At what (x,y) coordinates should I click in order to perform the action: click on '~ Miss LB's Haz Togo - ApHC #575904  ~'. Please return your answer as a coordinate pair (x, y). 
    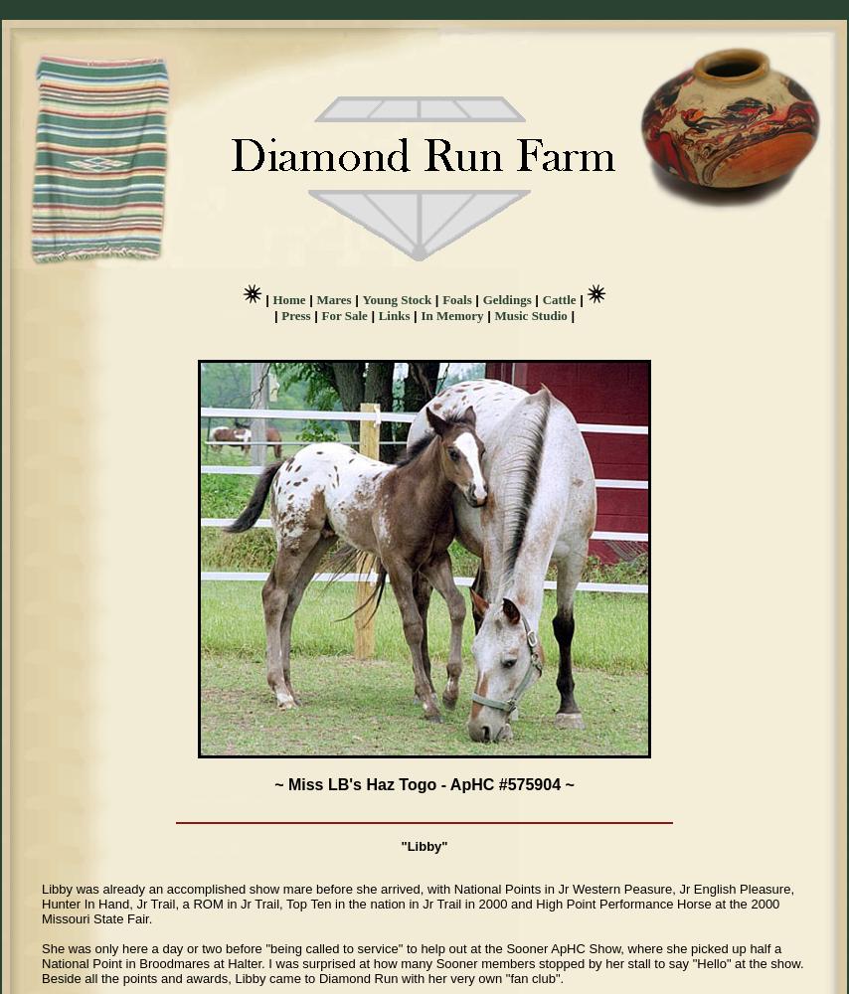
    Looking at the image, I should click on (424, 784).